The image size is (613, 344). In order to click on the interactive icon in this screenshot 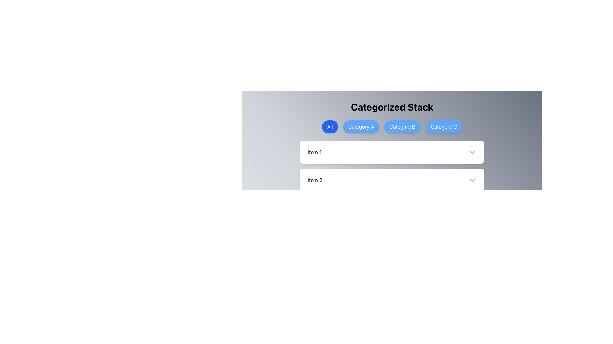, I will do `click(472, 152)`.